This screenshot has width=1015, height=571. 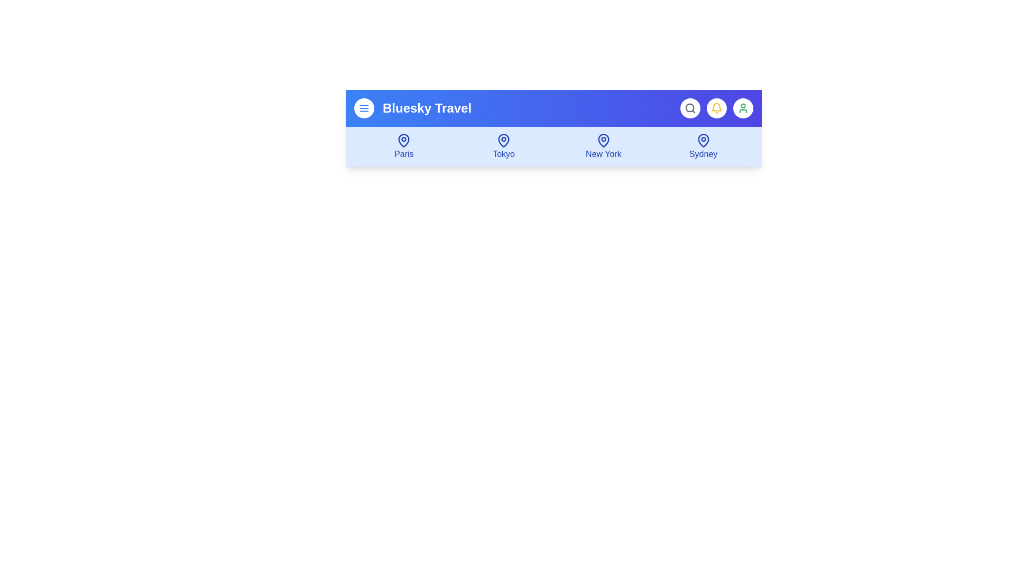 I want to click on the destination icon for Tokyo, so click(x=503, y=146).